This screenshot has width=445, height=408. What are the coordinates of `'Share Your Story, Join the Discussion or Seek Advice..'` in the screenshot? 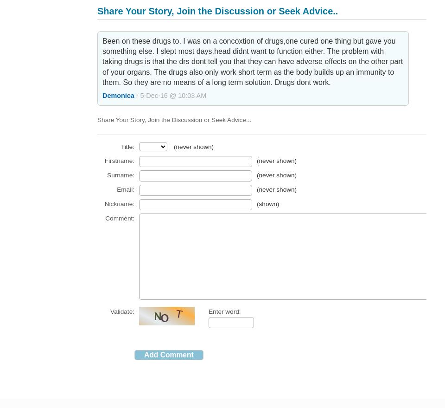 It's located at (217, 10).